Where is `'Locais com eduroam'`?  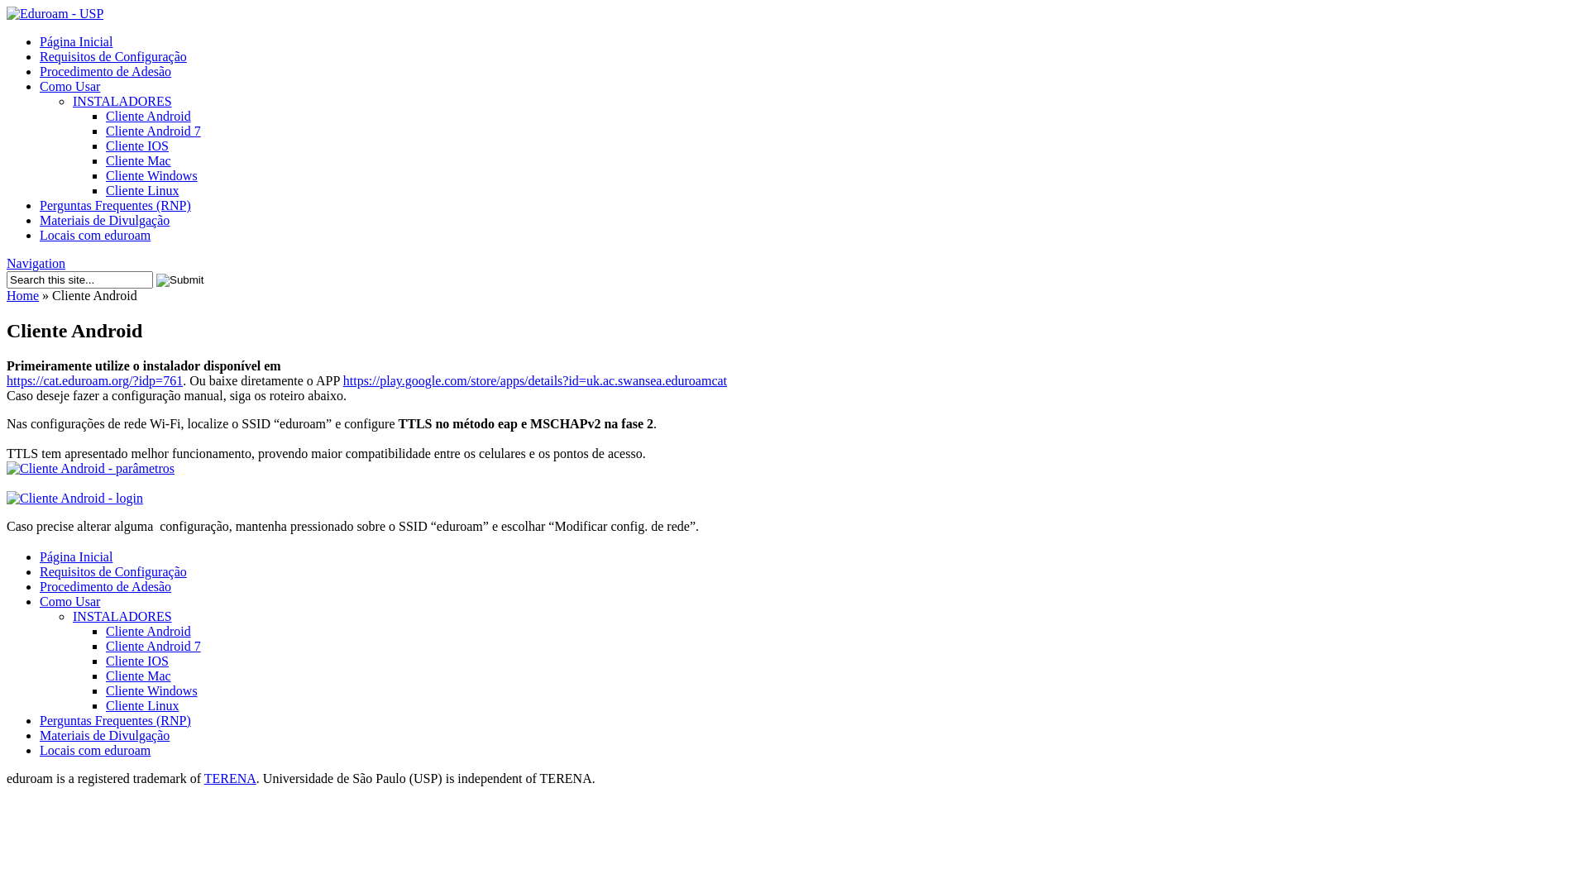 'Locais com eduroam' is located at coordinates (94, 235).